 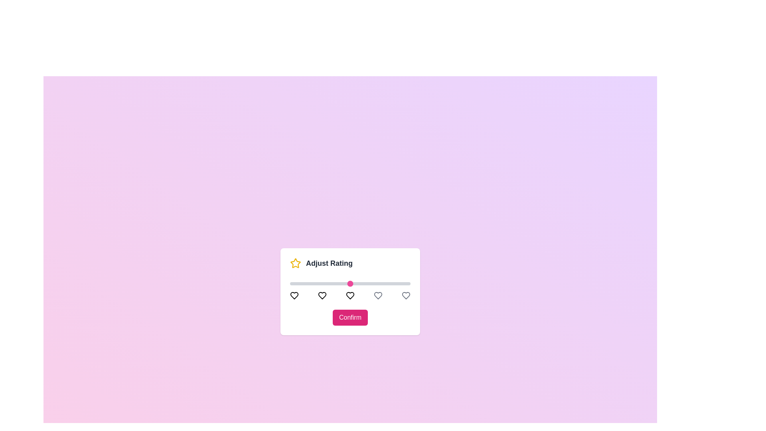 What do you see at coordinates (289, 283) in the screenshot?
I see `the slider to set the rating to 1` at bounding box center [289, 283].